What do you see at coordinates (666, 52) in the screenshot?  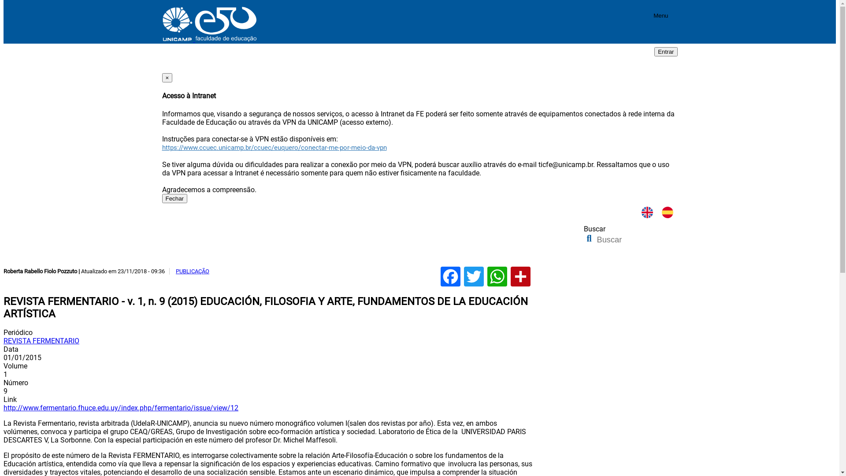 I see `'Entrar'` at bounding box center [666, 52].